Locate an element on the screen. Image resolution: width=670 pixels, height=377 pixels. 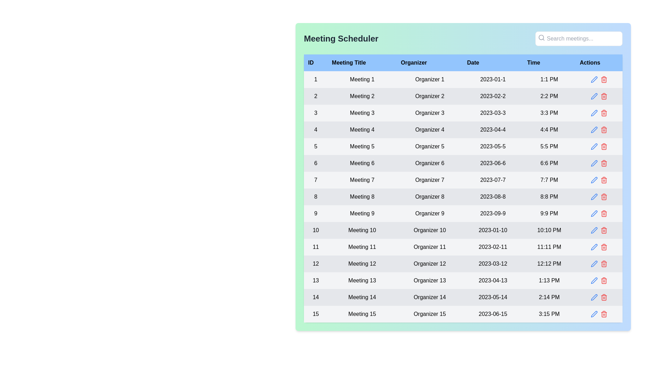
the time value displayed as '5:5 PM' is located at coordinates (549, 146).